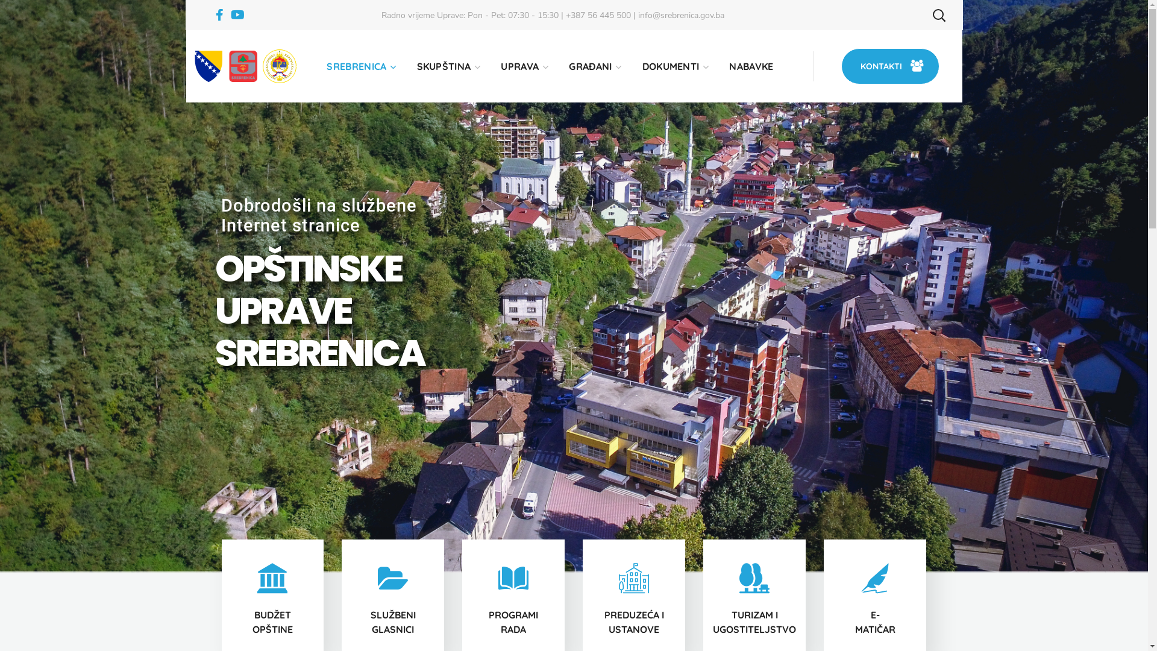  I want to click on 'NABAVKE', so click(750, 66).